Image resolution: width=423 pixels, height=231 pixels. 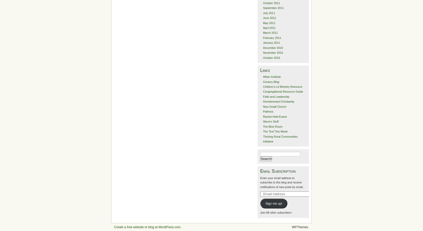 What do you see at coordinates (268, 111) in the screenshot?
I see `'Patheos'` at bounding box center [268, 111].